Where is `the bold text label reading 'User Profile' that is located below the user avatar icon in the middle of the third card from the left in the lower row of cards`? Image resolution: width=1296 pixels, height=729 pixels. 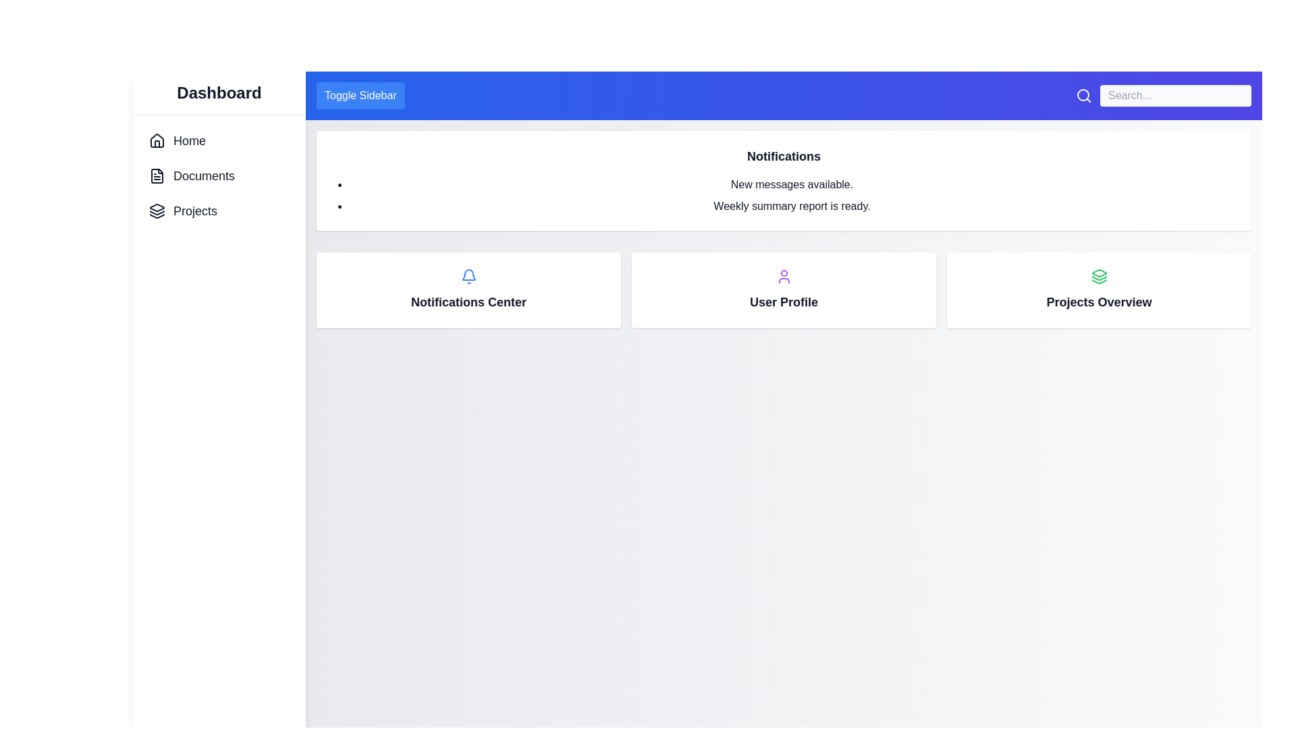
the bold text label reading 'User Profile' that is located below the user avatar icon in the middle of the third card from the left in the lower row of cards is located at coordinates (784, 301).